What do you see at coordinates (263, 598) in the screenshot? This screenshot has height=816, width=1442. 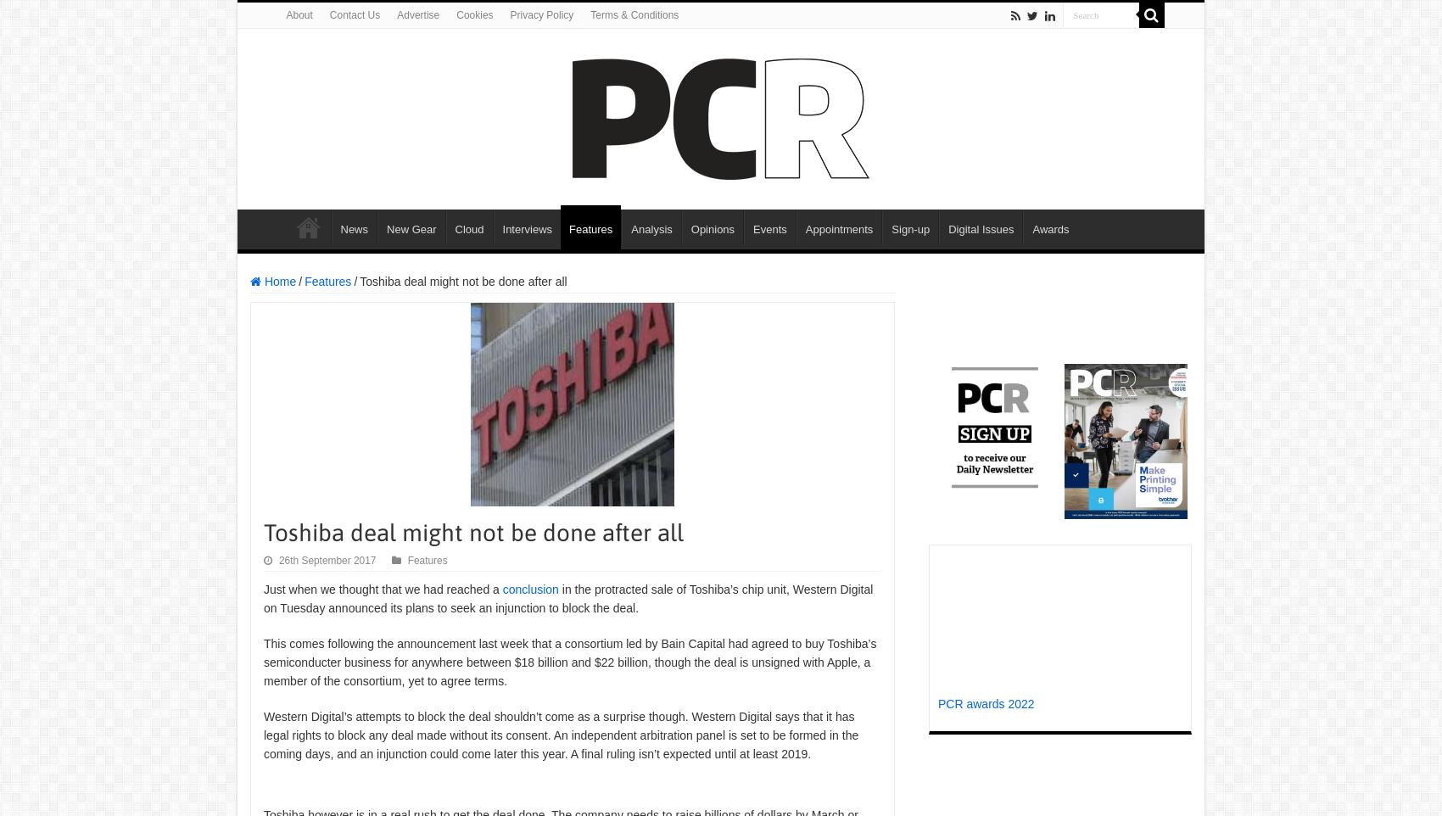 I see `'in the protracted sale of Toshiba’s chip unit, Western Digital on Tuesday announced its plans to seek an injunction to block the deal.'` at bounding box center [263, 598].